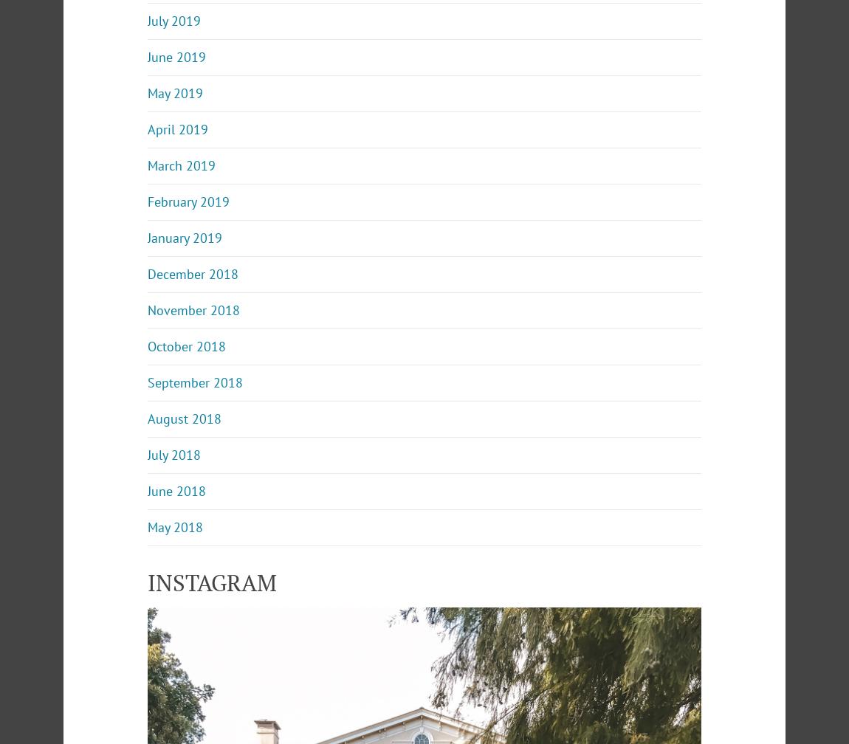 The height and width of the screenshot is (744, 849). Describe the element at coordinates (176, 56) in the screenshot. I see `'June 2019'` at that location.